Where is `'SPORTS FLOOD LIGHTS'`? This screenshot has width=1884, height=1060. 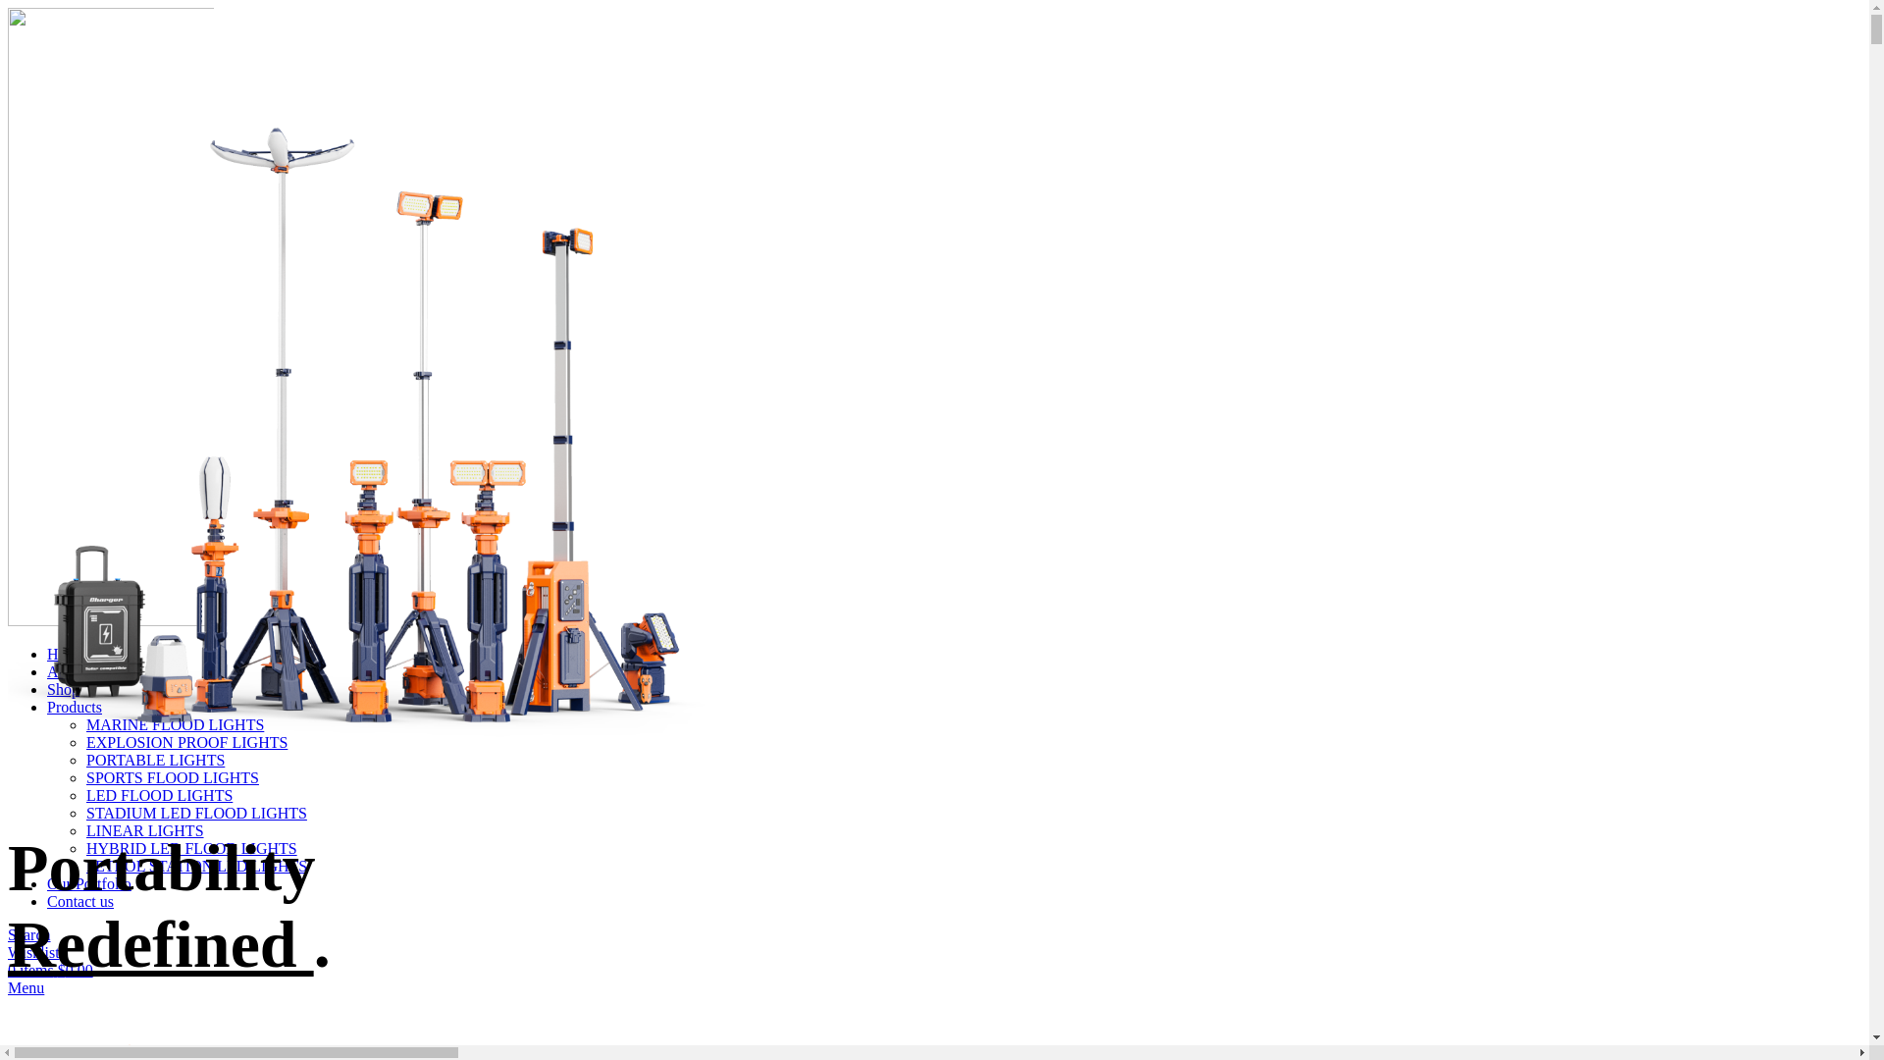
'SPORTS FLOOD LIGHTS' is located at coordinates (173, 776).